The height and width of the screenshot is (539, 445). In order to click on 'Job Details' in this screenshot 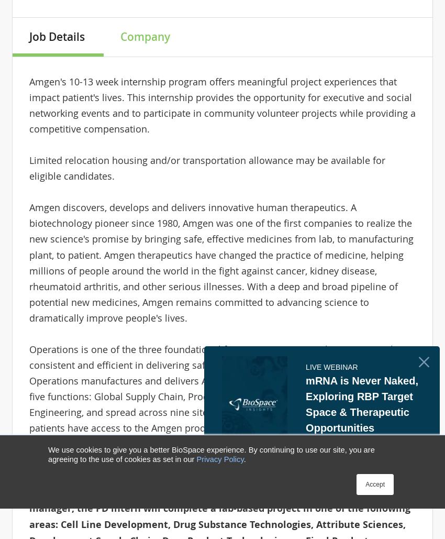, I will do `click(56, 36)`.